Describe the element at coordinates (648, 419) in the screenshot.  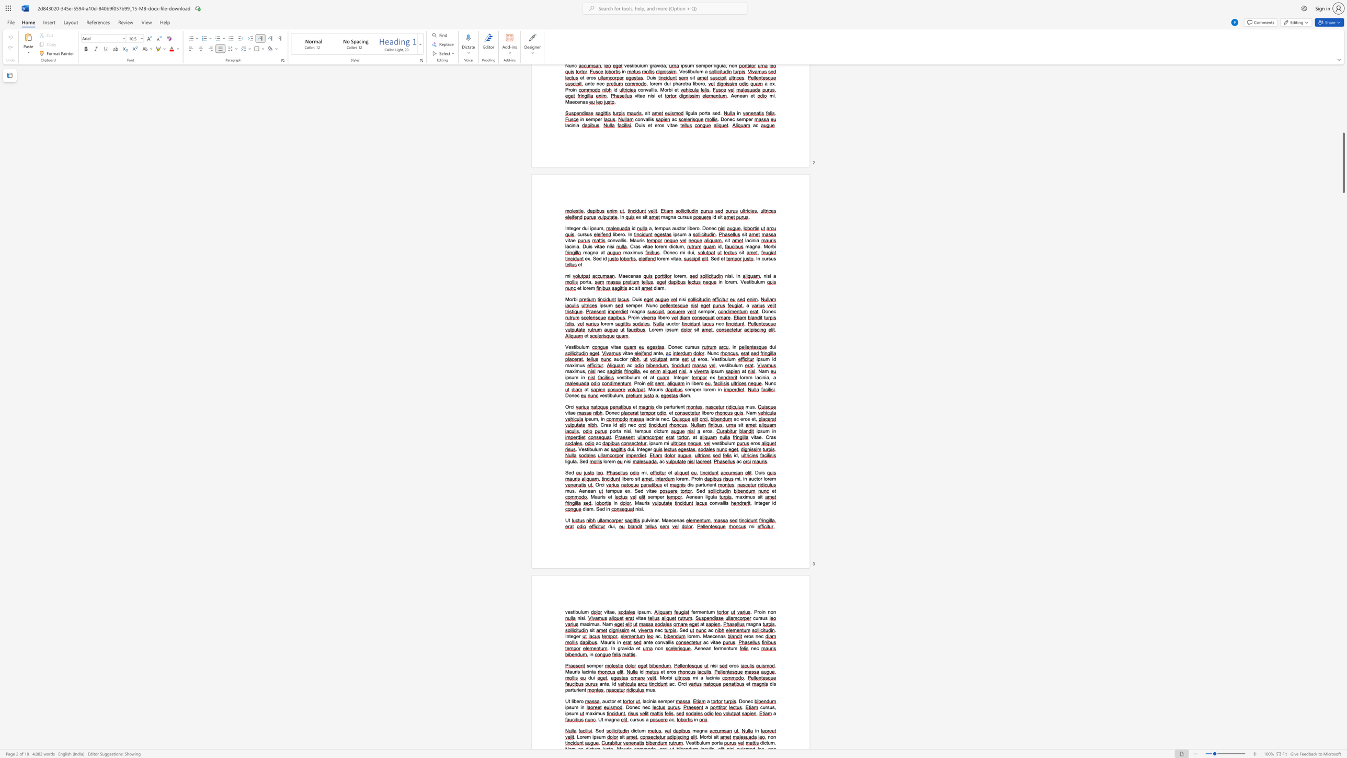
I see `the space between the continuous character "a" and "c" in the text` at that location.